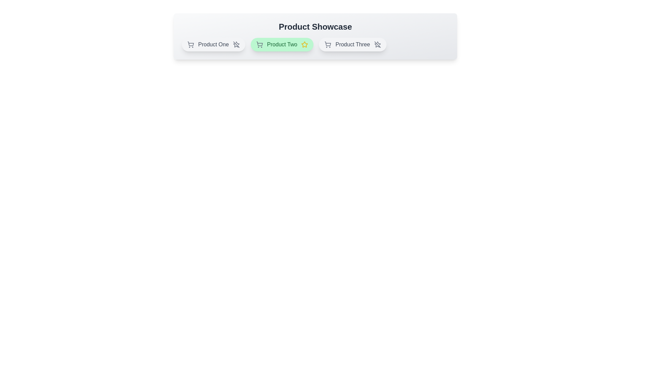 The height and width of the screenshot is (368, 655). I want to click on the product chip corresponding to Product Two to toggle its featured status, so click(282, 45).